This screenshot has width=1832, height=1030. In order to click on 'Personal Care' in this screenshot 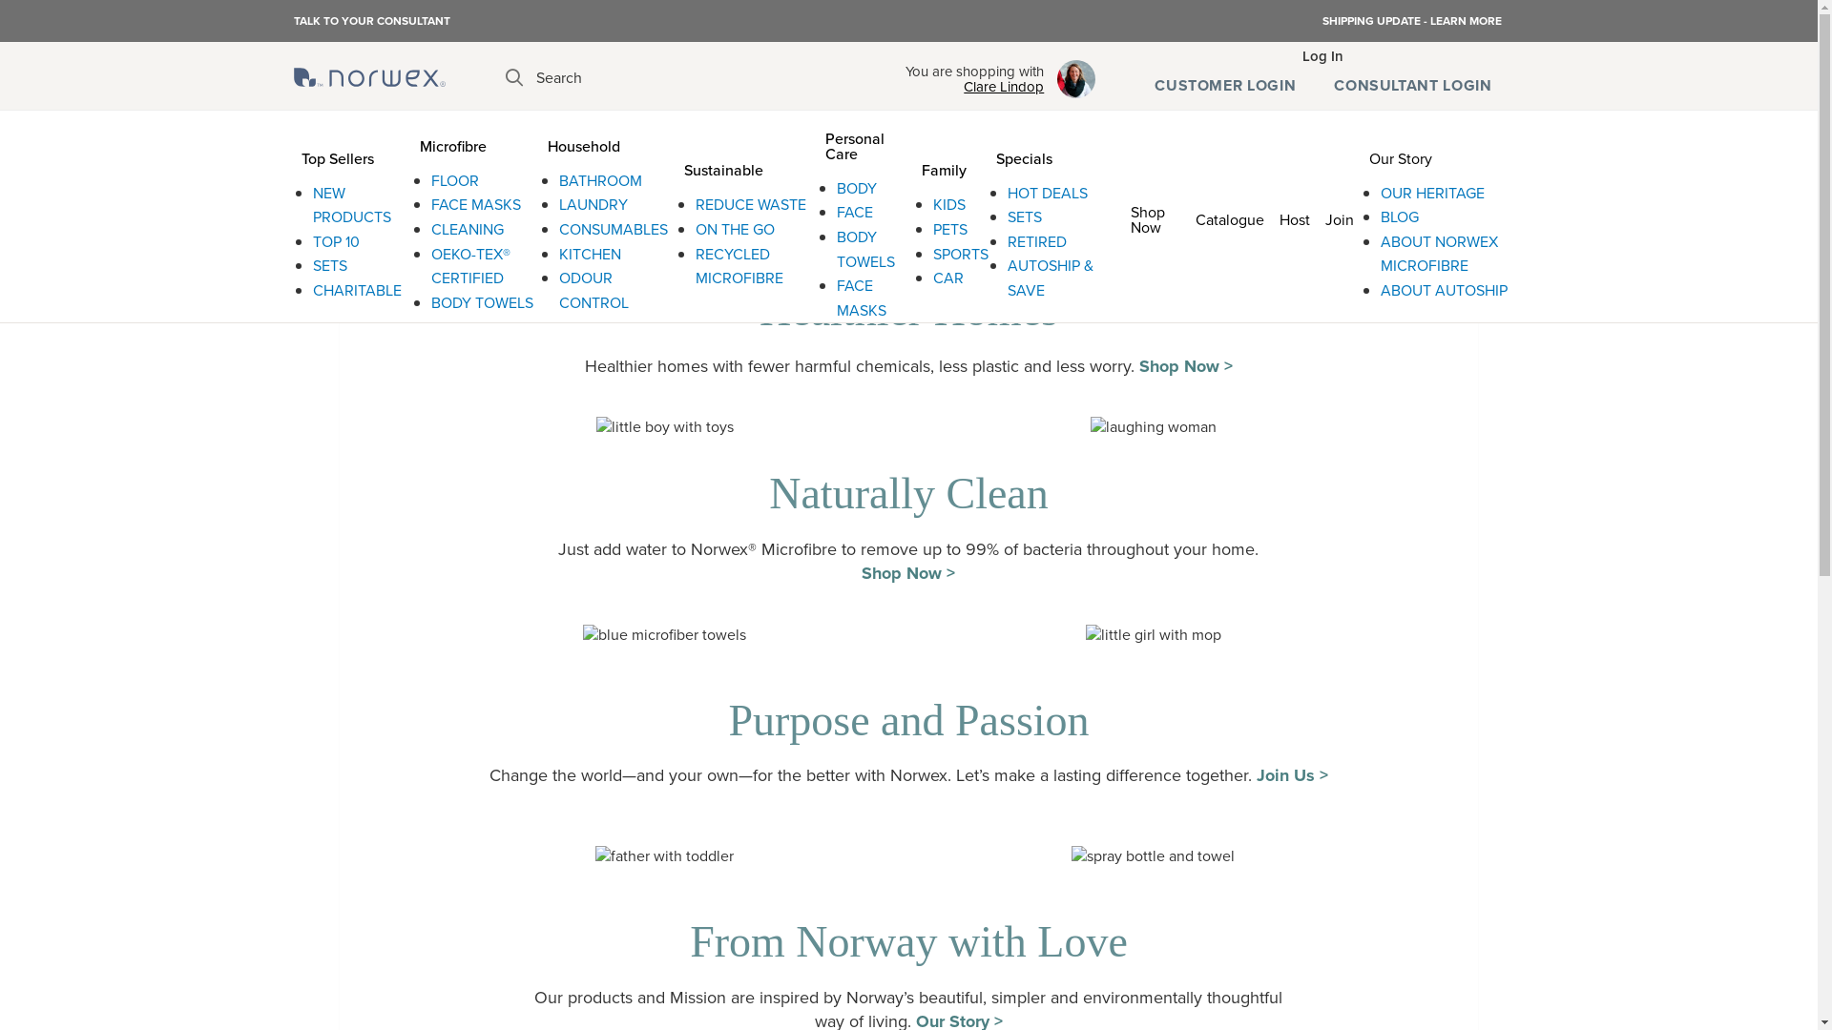, I will do `click(864, 142)`.